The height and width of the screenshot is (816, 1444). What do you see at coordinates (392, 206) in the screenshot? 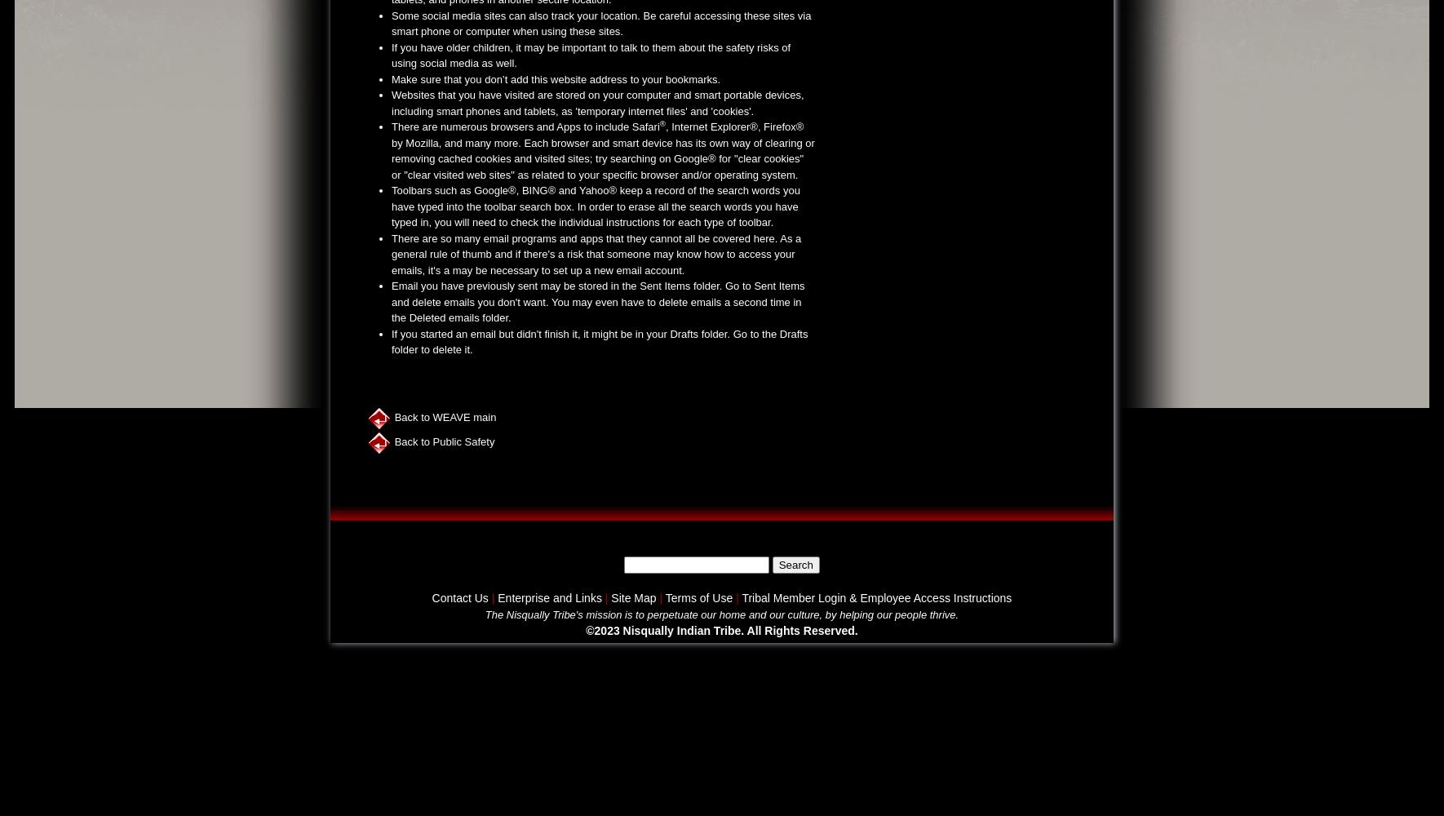
I see `'Toolbars such as Google®, BING® and Yahoo® keep a record of the search words you have typed into the toolbar search box. In order to erase all the search words you have typed in, you will need to check the individual instructions for each type of toolbar.'` at bounding box center [392, 206].